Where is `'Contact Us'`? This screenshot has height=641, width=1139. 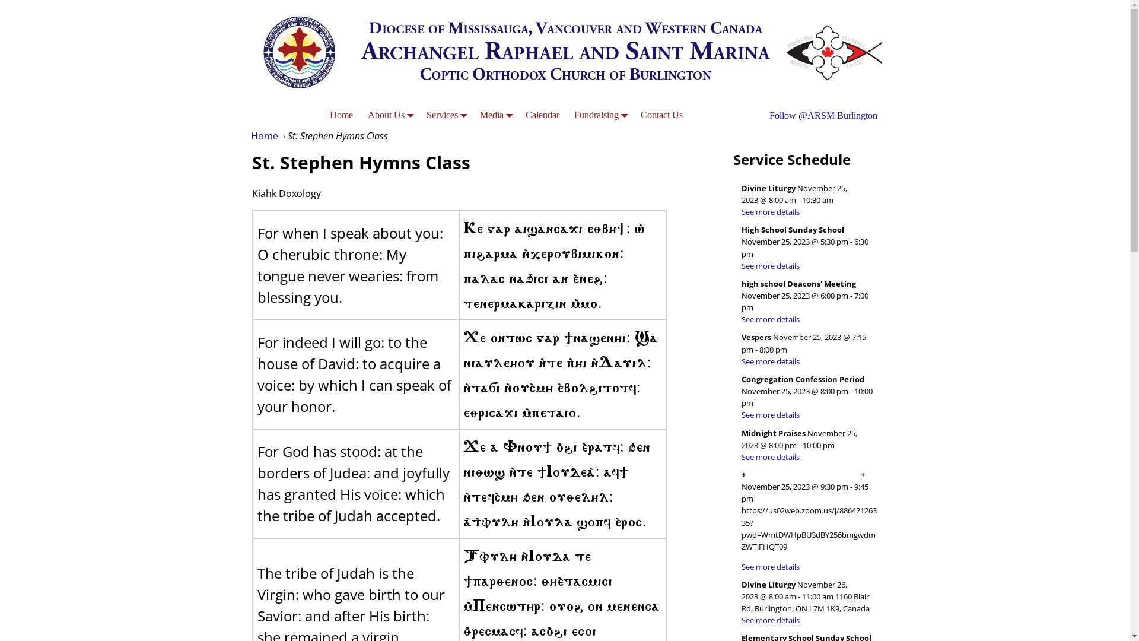
'Contact Us' is located at coordinates (661, 115).